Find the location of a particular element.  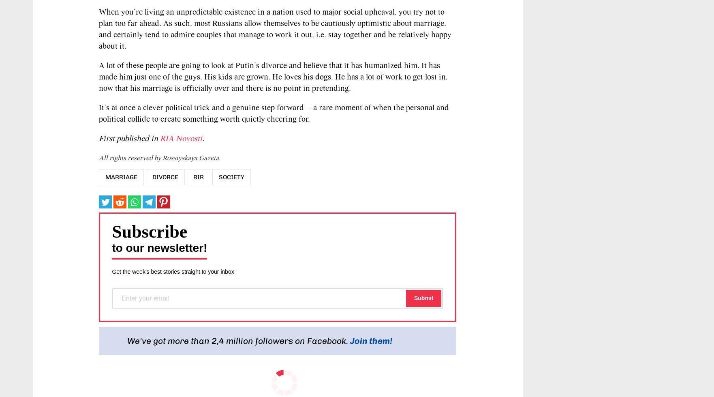

'Get the week's best stories straight to your inbox' is located at coordinates (173, 271).